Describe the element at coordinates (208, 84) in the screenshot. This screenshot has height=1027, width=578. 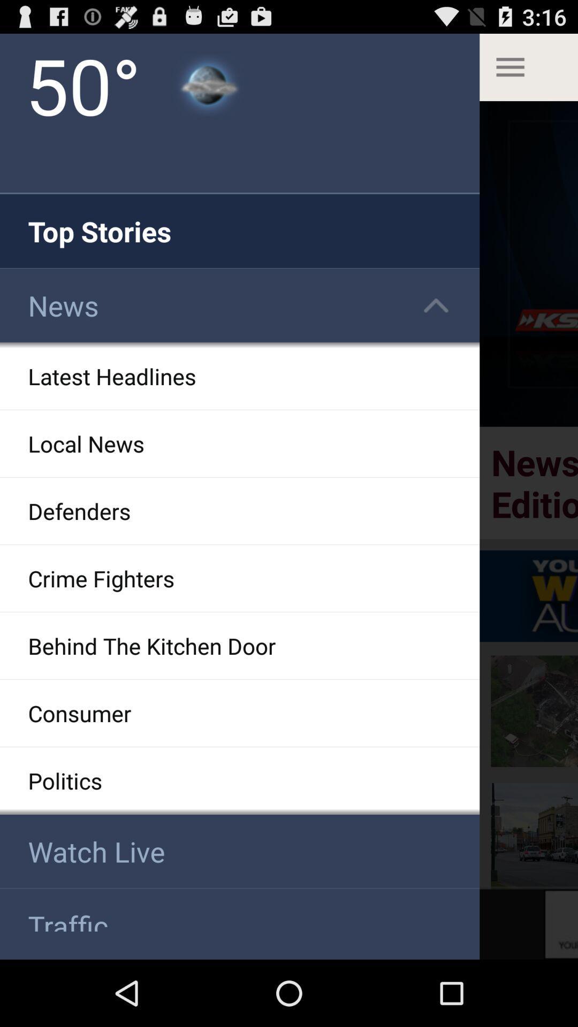
I see `the image next to 50 degrees` at that location.